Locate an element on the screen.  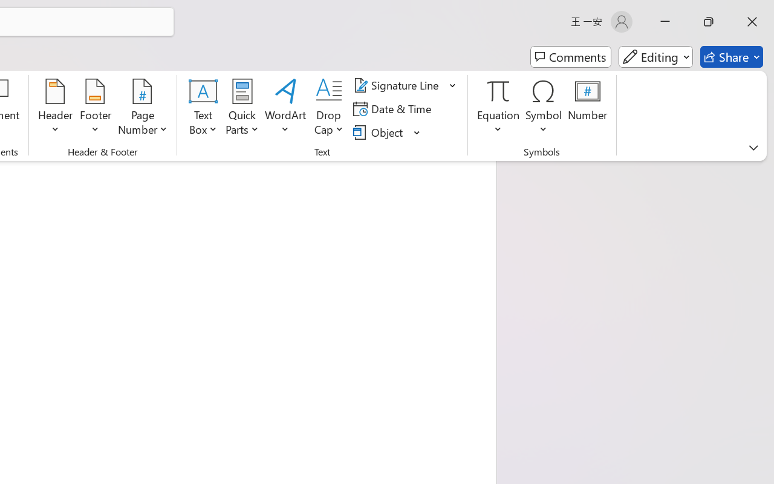
'Share' is located at coordinates (731, 57).